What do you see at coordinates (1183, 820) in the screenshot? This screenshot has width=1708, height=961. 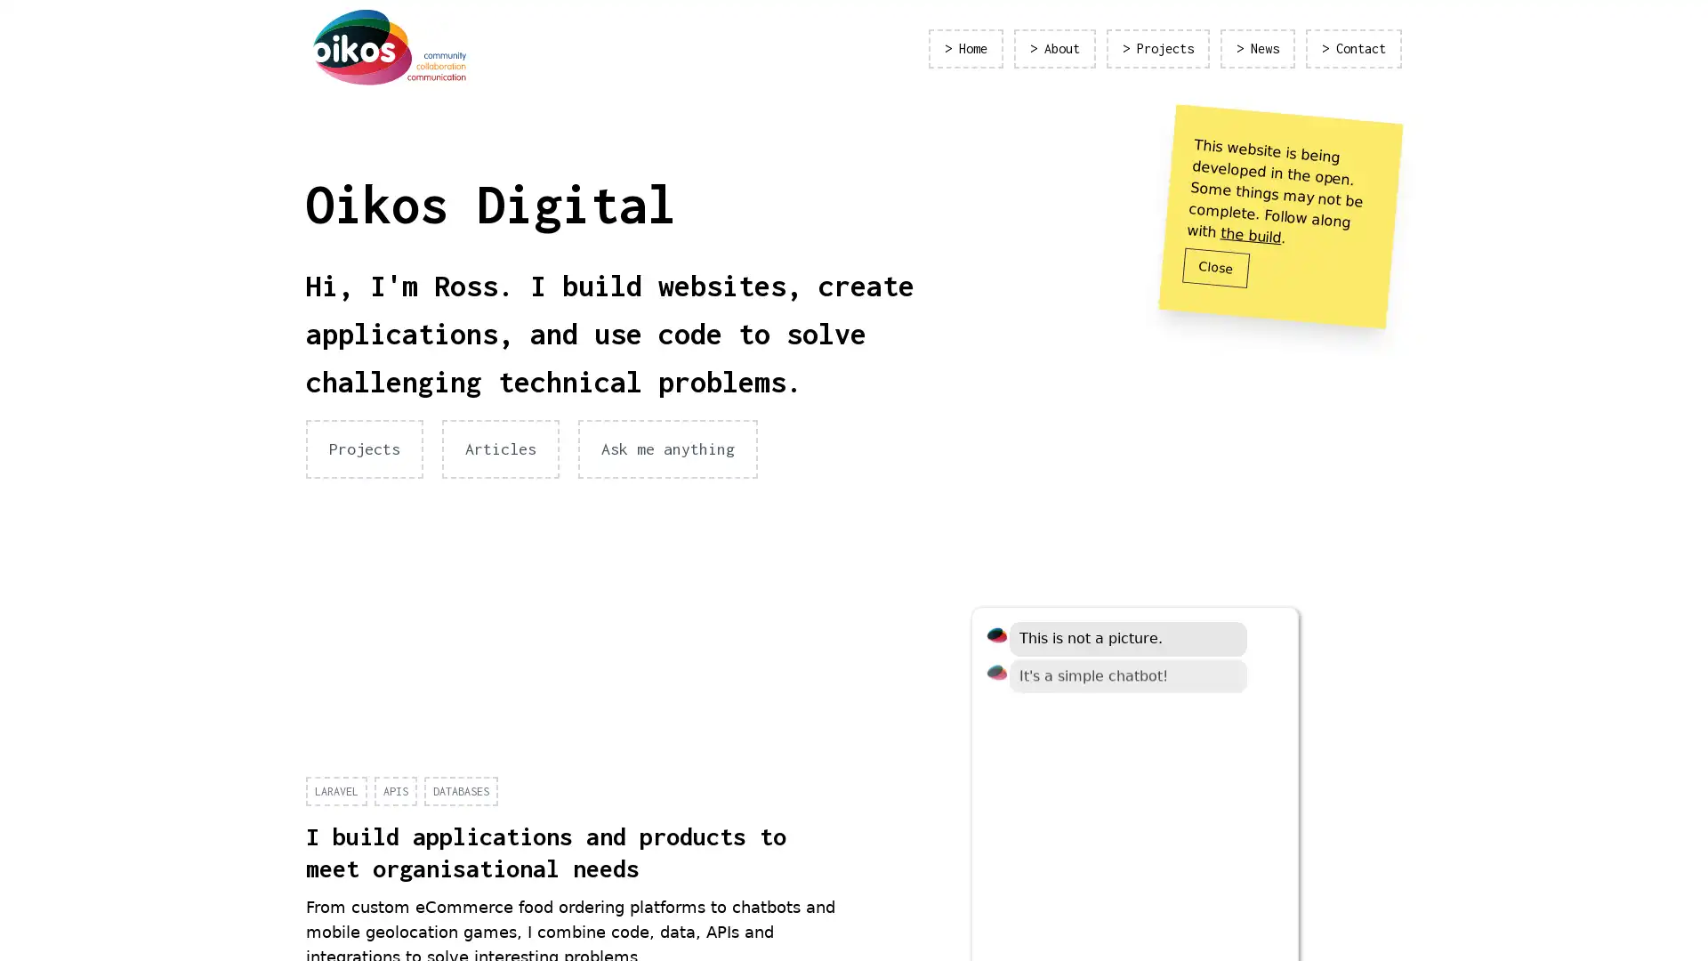 I see `Geeky chatbot facts` at bounding box center [1183, 820].